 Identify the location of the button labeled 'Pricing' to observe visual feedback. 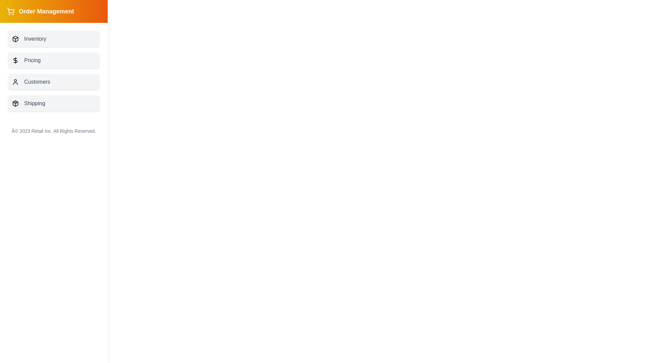
(53, 61).